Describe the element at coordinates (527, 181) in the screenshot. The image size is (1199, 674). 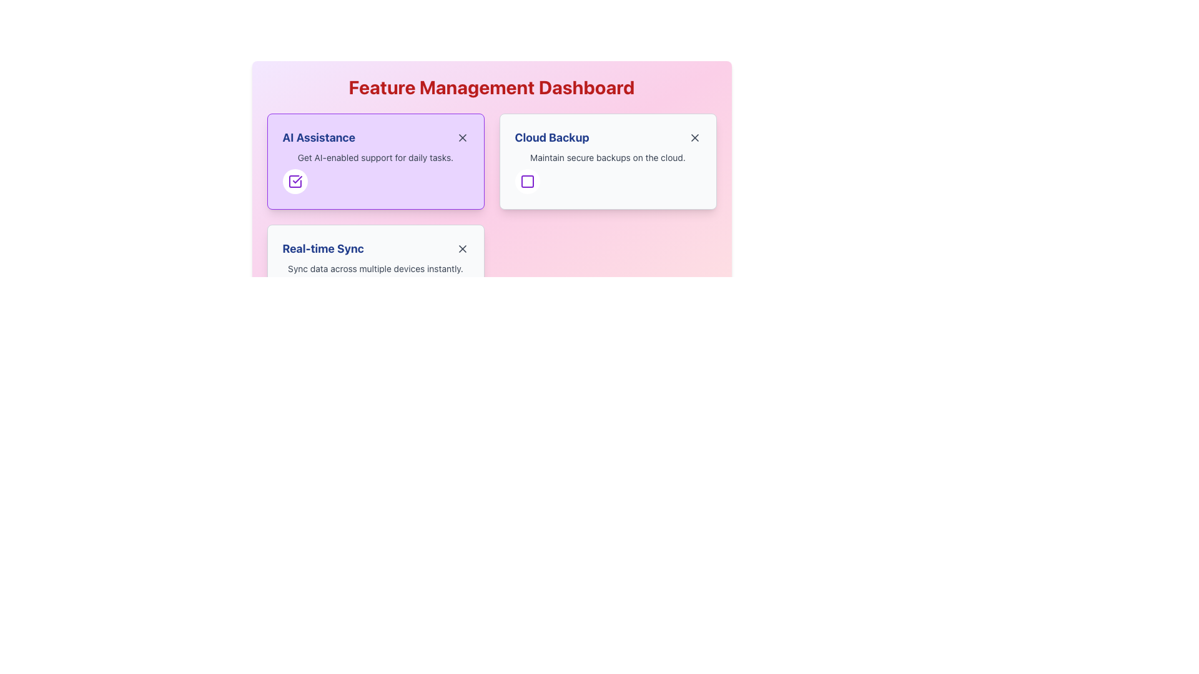
I see `the inner square icon within the circular button for toggling the 'Cloud Backup' feature status in the top right of the 'Feature Management Dashboard'` at that location.